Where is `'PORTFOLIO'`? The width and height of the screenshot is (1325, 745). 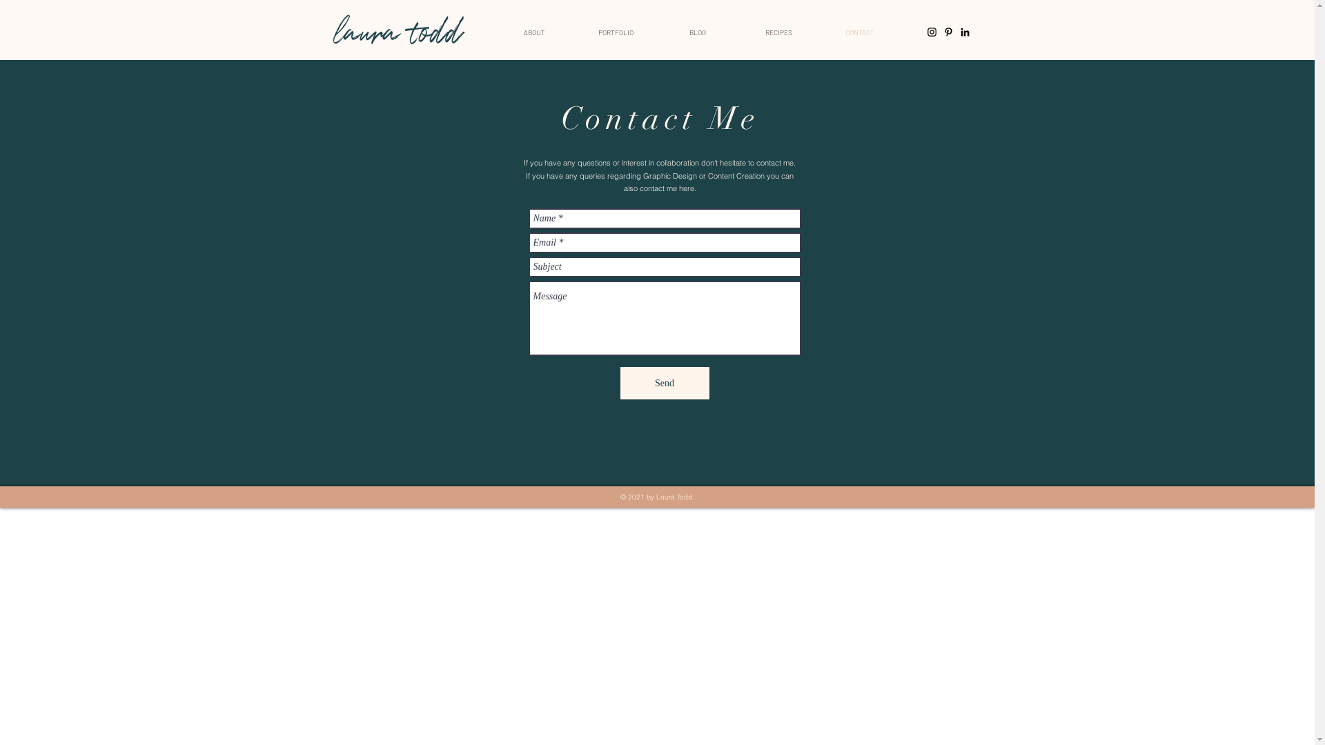
'PORTFOLIO' is located at coordinates (615, 31).